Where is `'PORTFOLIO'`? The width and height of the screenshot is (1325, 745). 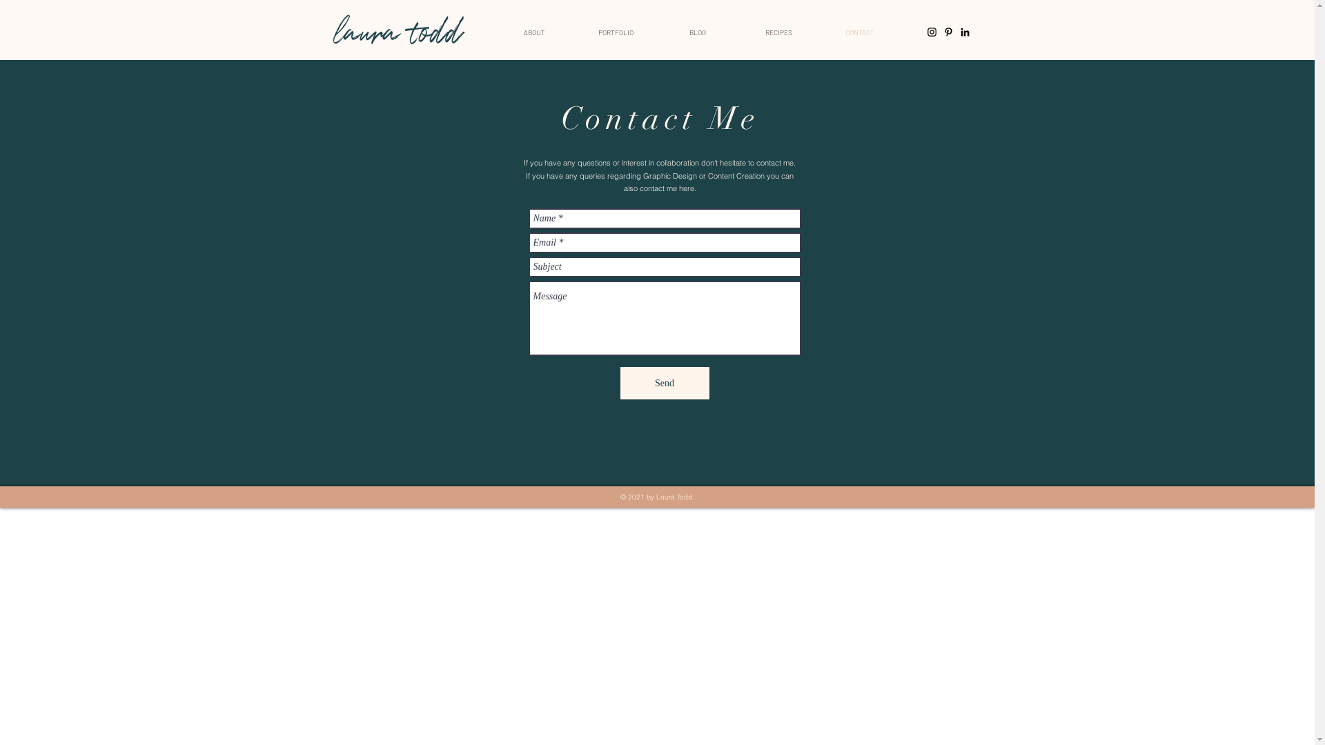
'PORTFOLIO' is located at coordinates (615, 31).